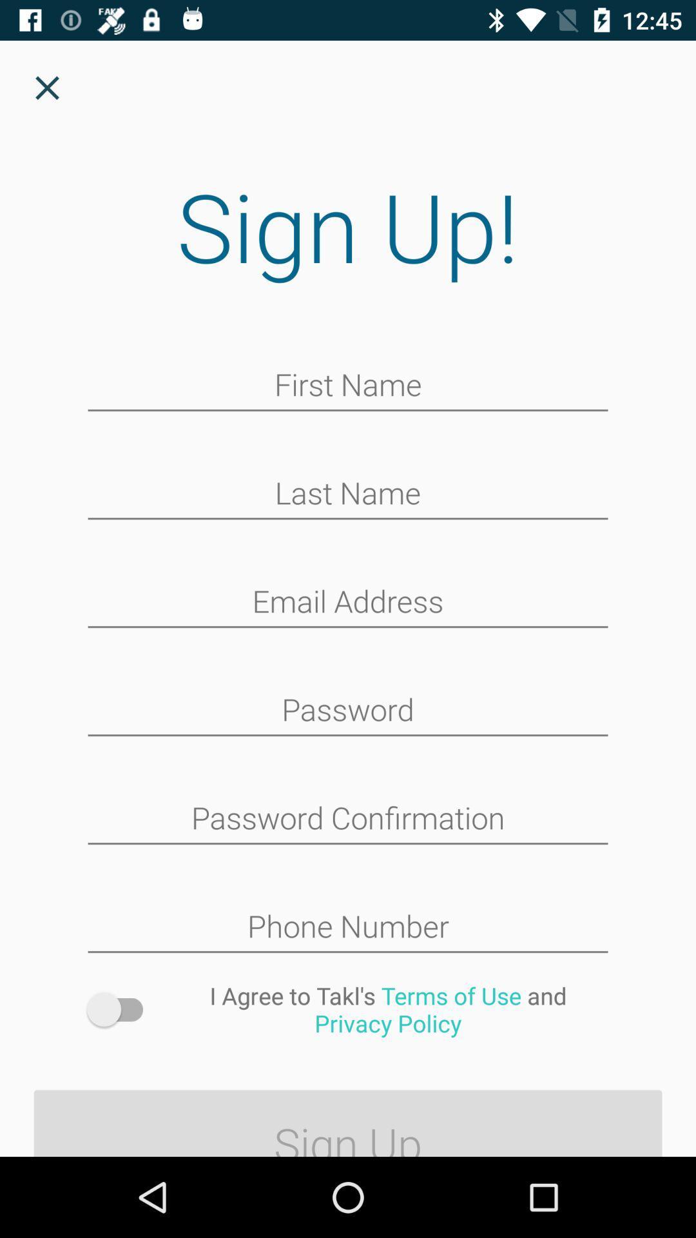 This screenshot has width=696, height=1238. I want to click on this box lastname, so click(348, 494).